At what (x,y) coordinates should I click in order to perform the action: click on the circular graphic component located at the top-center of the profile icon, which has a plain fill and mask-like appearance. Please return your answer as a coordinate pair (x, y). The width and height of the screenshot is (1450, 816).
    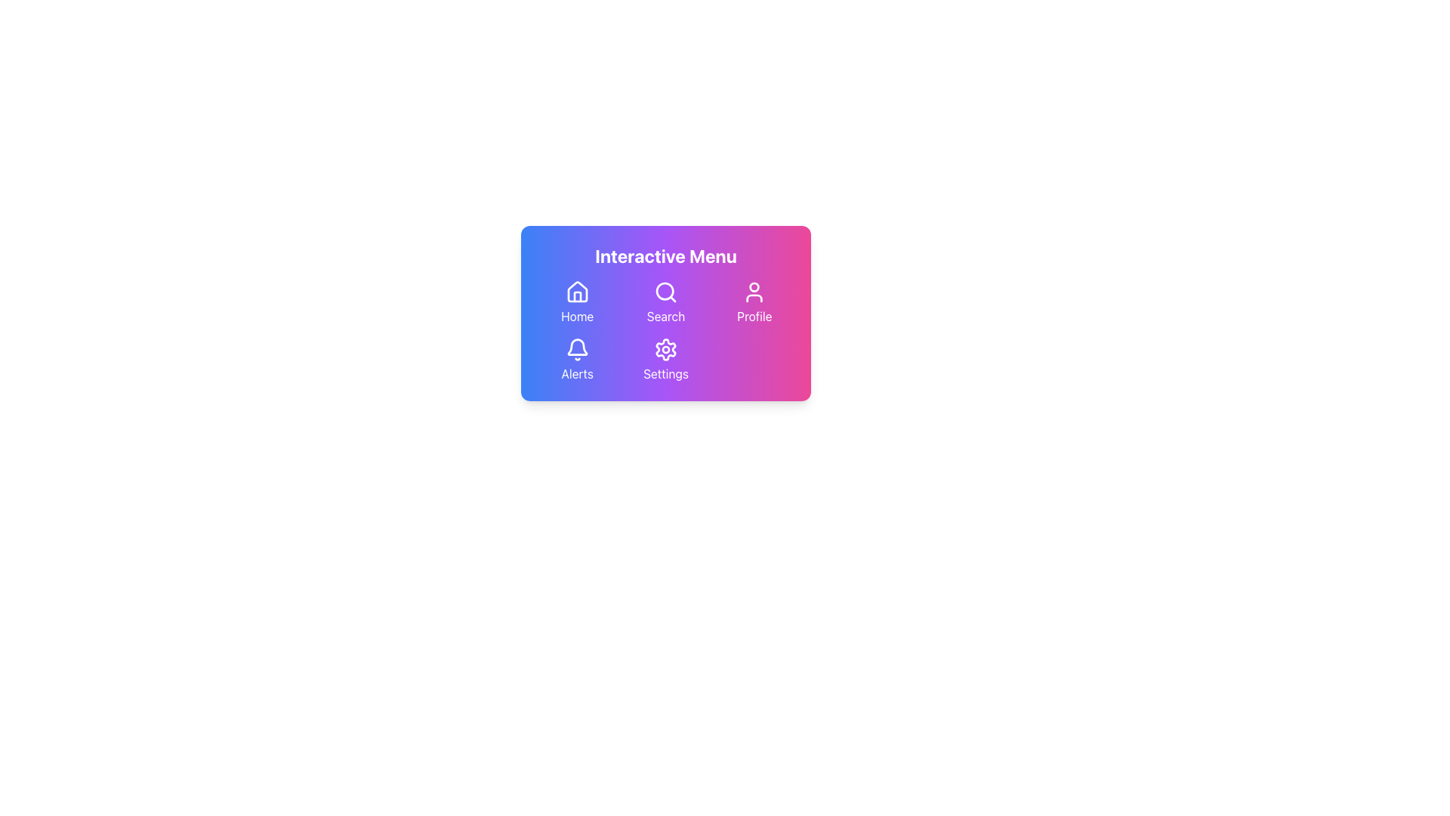
    Looking at the image, I should click on (754, 287).